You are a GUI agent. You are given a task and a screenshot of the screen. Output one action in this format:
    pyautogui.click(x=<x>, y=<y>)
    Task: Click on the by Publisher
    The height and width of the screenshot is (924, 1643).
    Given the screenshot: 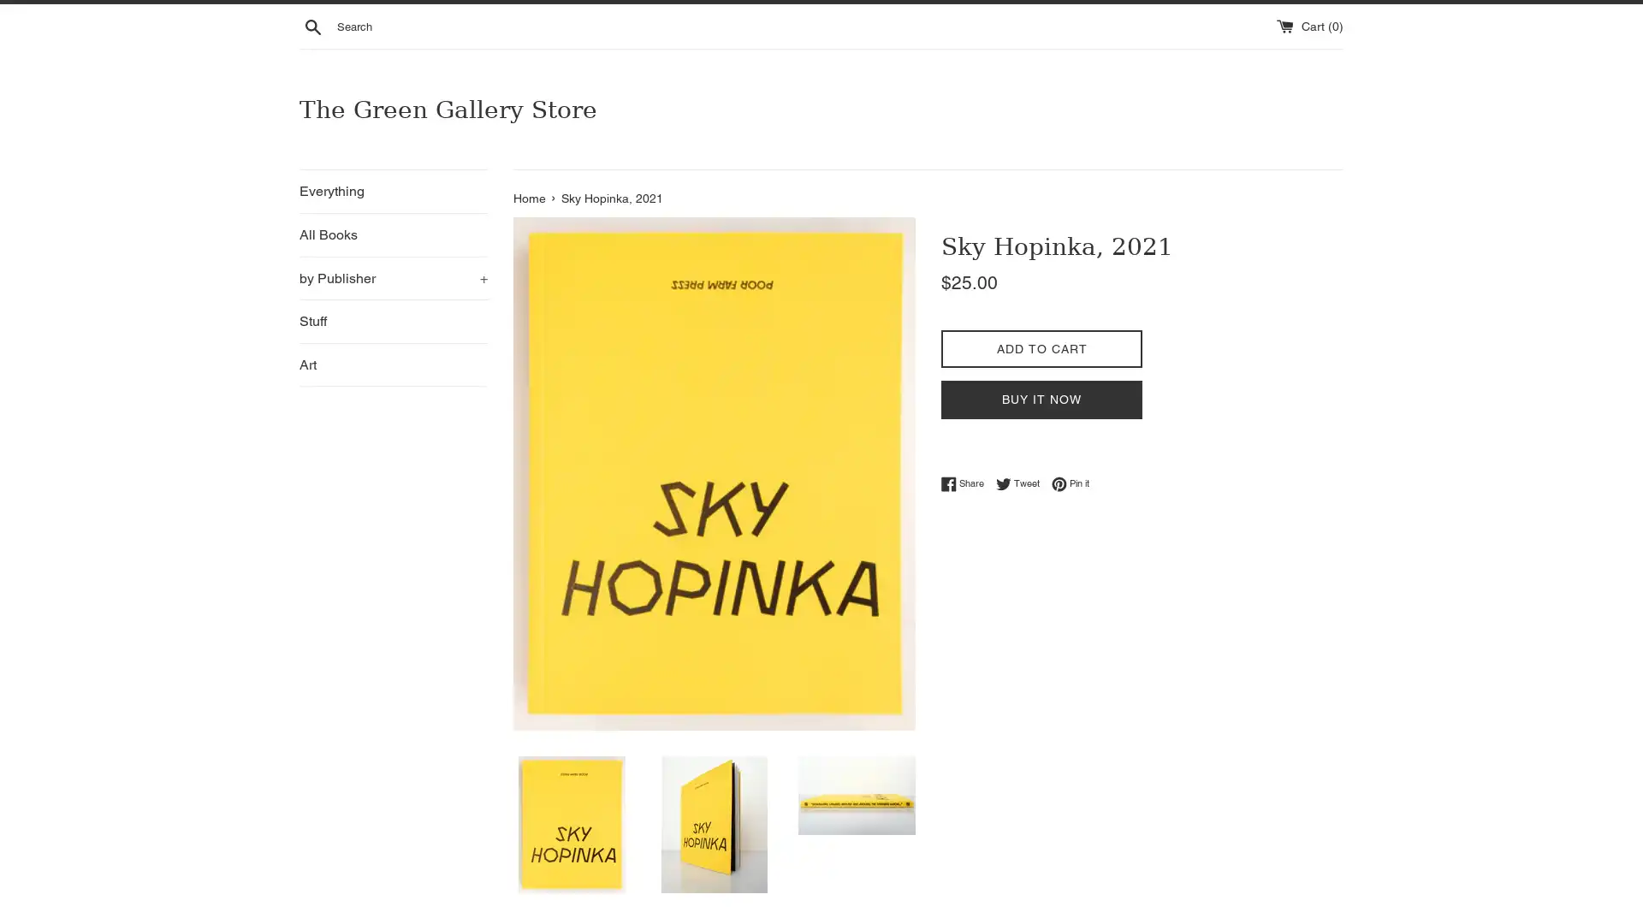 What is the action you would take?
    pyautogui.click(x=393, y=276)
    